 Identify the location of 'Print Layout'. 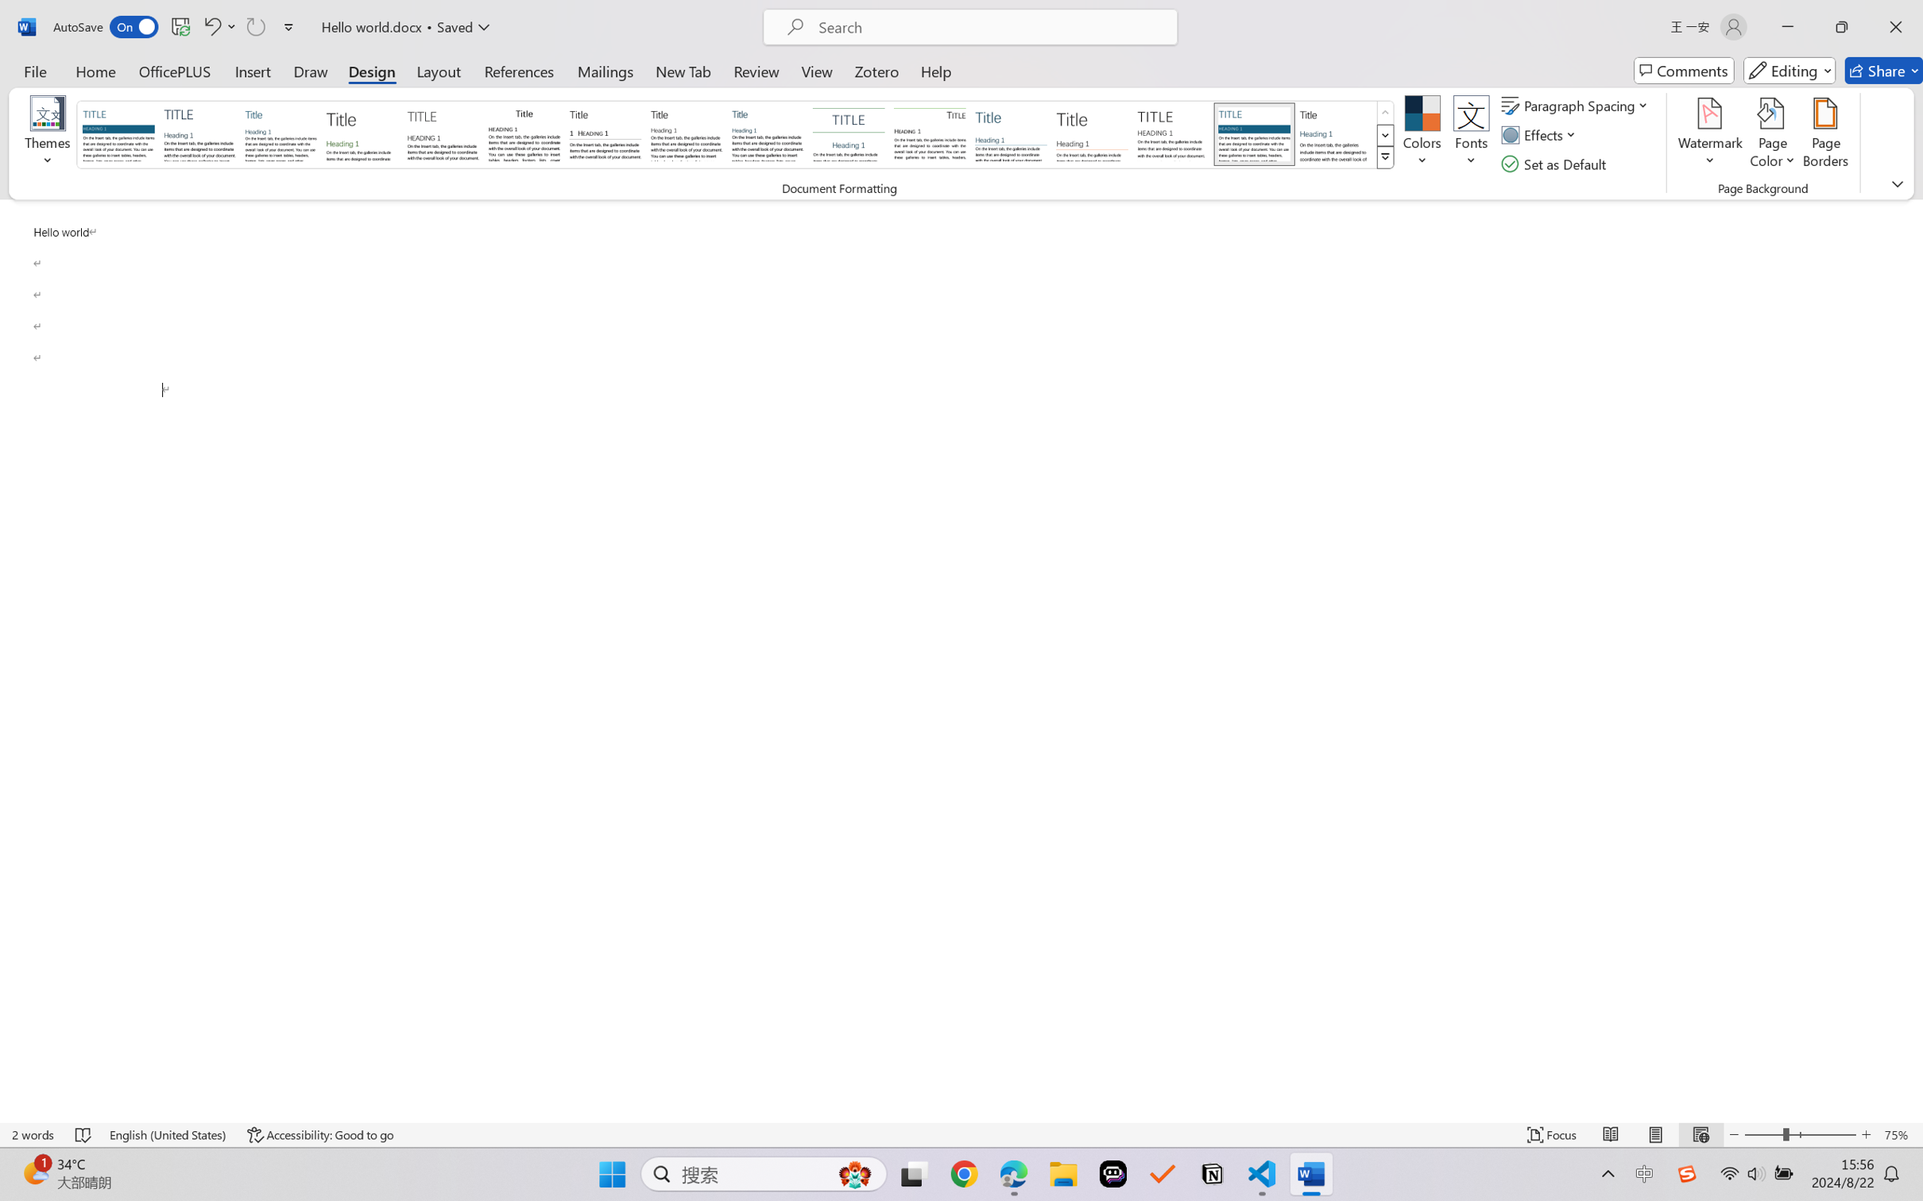
(1655, 1134).